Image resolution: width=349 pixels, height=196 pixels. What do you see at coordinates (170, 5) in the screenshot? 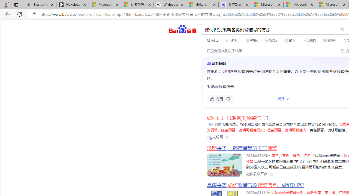
I see `'Wikipedia'` at bounding box center [170, 5].